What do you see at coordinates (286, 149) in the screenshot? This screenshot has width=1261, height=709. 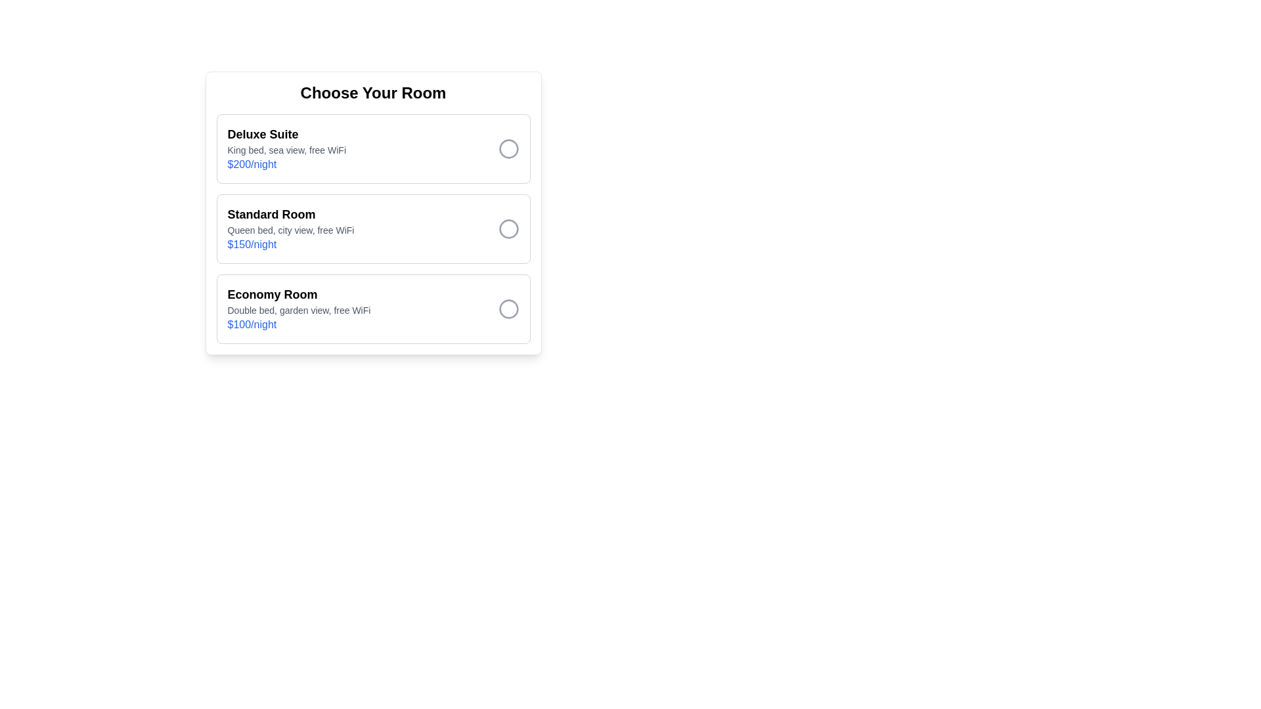 I see `the static text element displaying 'King bed, sea view, free WiFi', which is located below the 'Deluxe Suite' title and above the price '$200/night'` at bounding box center [286, 149].